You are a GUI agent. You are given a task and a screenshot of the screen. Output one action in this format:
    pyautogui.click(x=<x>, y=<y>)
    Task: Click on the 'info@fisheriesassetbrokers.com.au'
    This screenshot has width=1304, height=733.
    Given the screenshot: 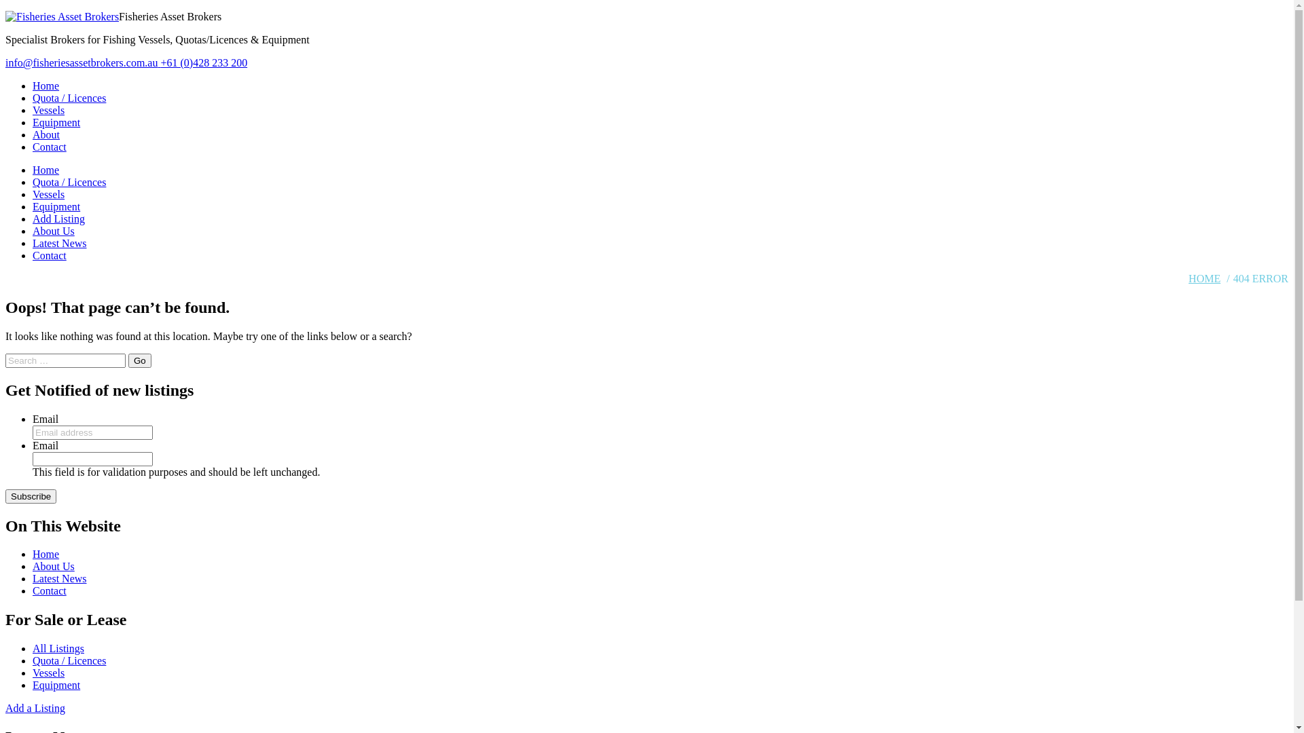 What is the action you would take?
    pyautogui.click(x=81, y=62)
    